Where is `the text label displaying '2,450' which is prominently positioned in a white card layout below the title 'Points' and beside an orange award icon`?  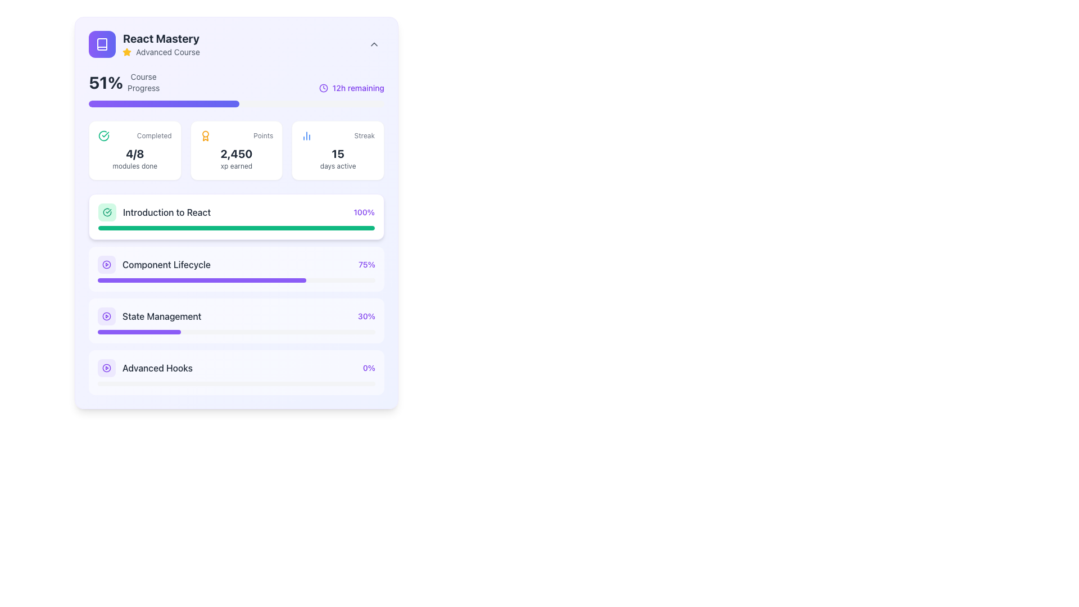
the text label displaying '2,450' which is prominently positioned in a white card layout below the title 'Points' and beside an orange award icon is located at coordinates (236, 153).